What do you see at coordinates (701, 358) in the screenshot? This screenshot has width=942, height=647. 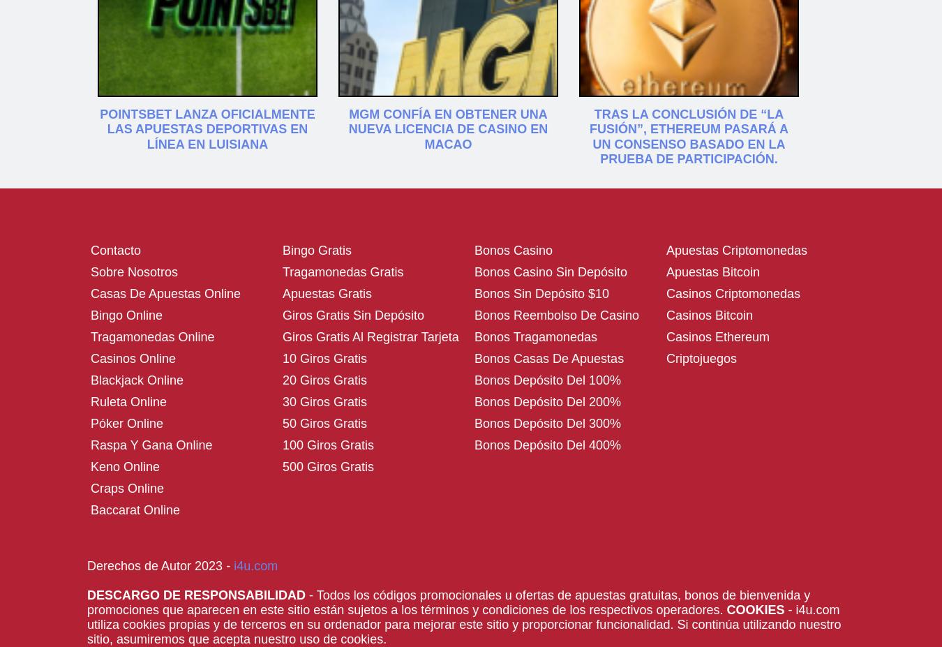 I see `'Criptojuegos'` at bounding box center [701, 358].